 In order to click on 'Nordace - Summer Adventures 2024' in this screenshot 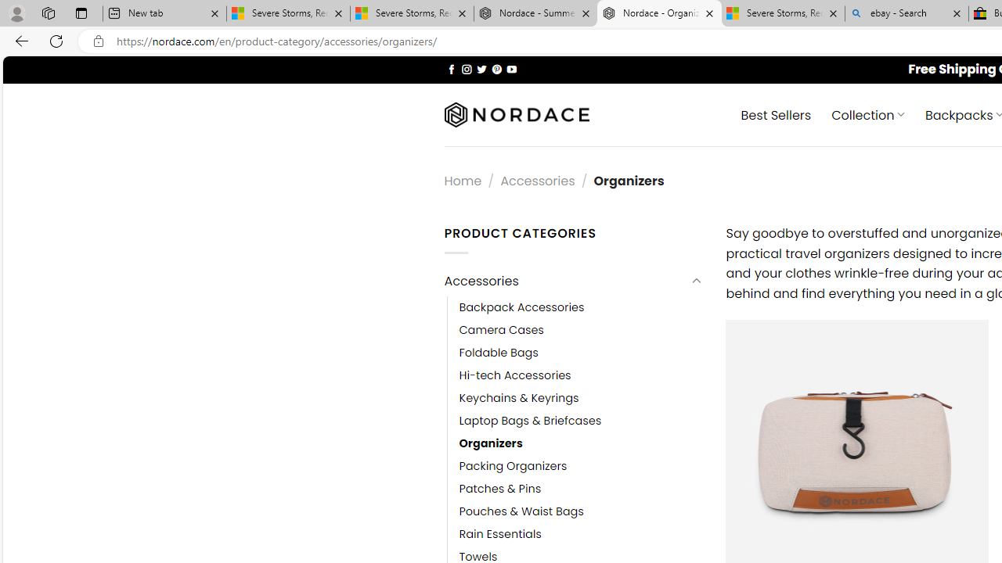, I will do `click(535, 13)`.